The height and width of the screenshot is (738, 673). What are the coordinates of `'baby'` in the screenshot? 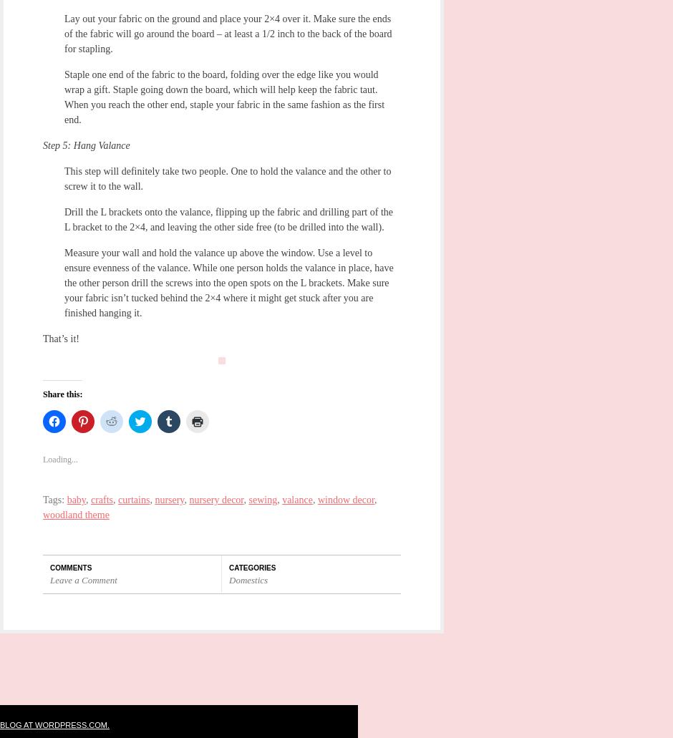 It's located at (76, 500).